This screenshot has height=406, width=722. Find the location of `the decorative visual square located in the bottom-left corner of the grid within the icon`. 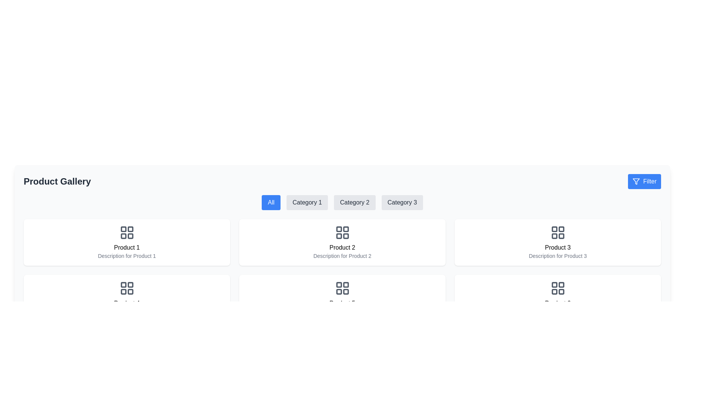

the decorative visual square located in the bottom-left corner of the grid within the icon is located at coordinates (554, 236).